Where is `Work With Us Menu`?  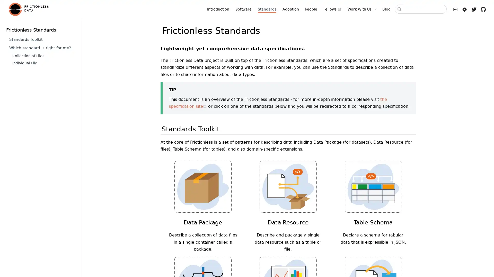
Work With Us Menu is located at coordinates (361, 9).